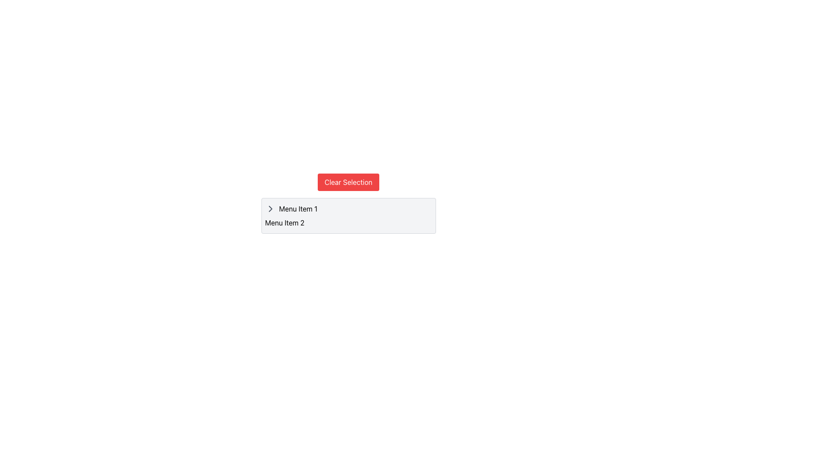 The image size is (838, 471). I want to click on the selectable text label located in the second row of the dropdown or menu component under 'Menu Item 1', so click(285, 222).